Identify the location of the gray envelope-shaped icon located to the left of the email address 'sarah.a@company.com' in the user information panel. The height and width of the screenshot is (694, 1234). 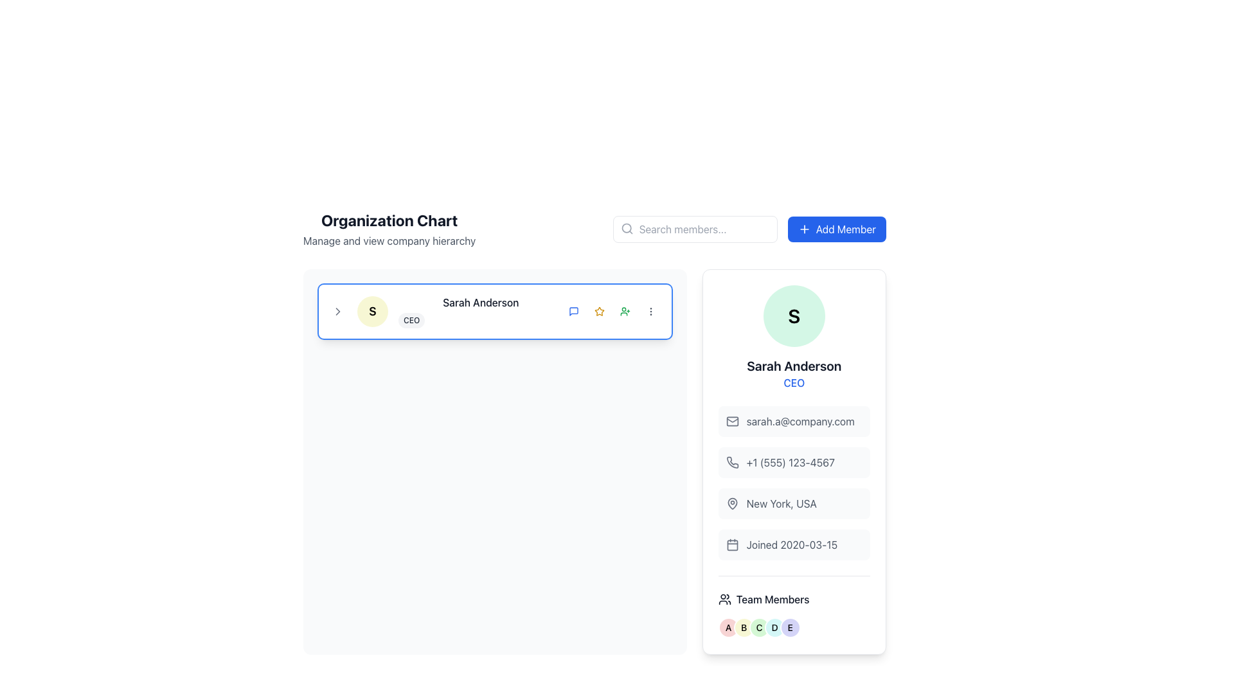
(732, 421).